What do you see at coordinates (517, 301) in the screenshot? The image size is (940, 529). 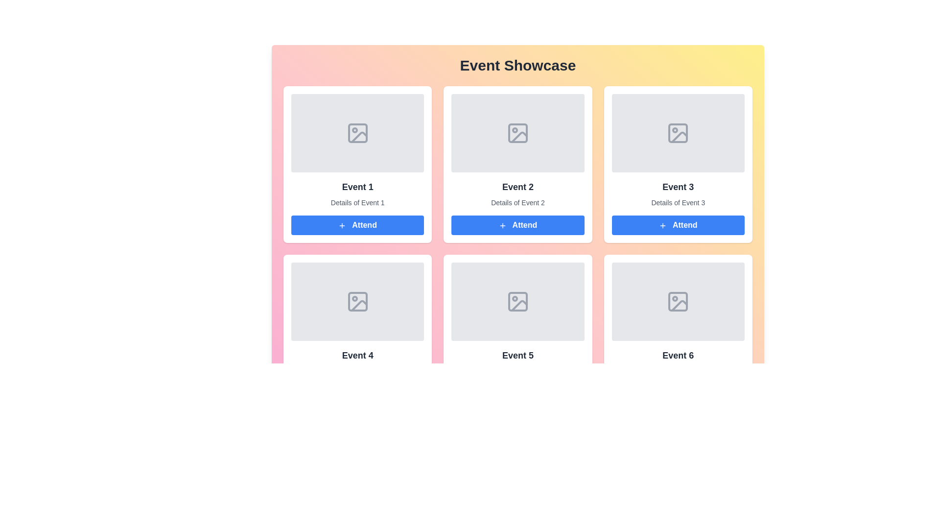 I see `the image placeholder located at the top center of the card displaying 'Event 5', which is positioned in the second row, middle column` at bounding box center [517, 301].